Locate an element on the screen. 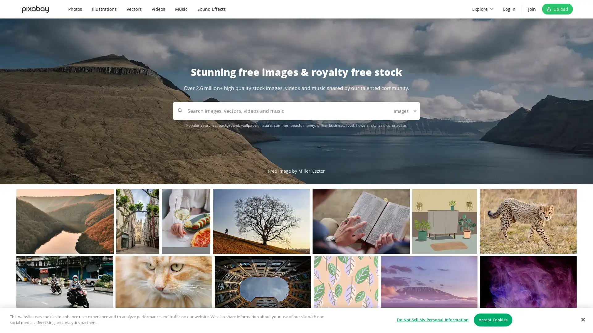 Image resolution: width=593 pixels, height=333 pixels. Explore is located at coordinates (482, 9).